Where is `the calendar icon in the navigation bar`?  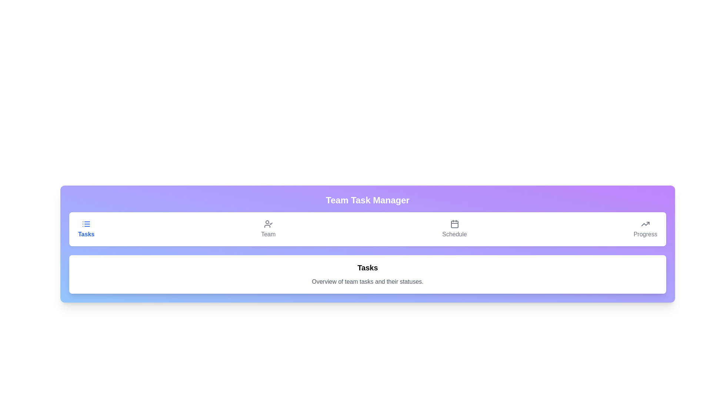
the calendar icon in the navigation bar is located at coordinates (454, 224).